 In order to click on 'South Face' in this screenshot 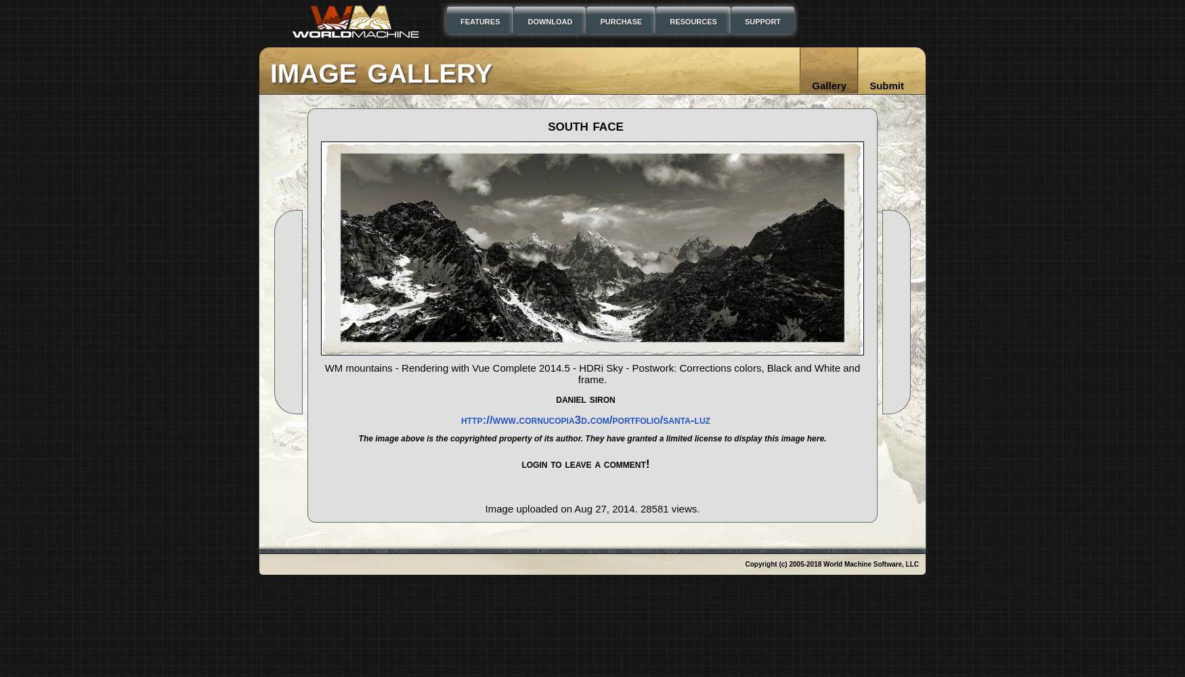, I will do `click(585, 125)`.